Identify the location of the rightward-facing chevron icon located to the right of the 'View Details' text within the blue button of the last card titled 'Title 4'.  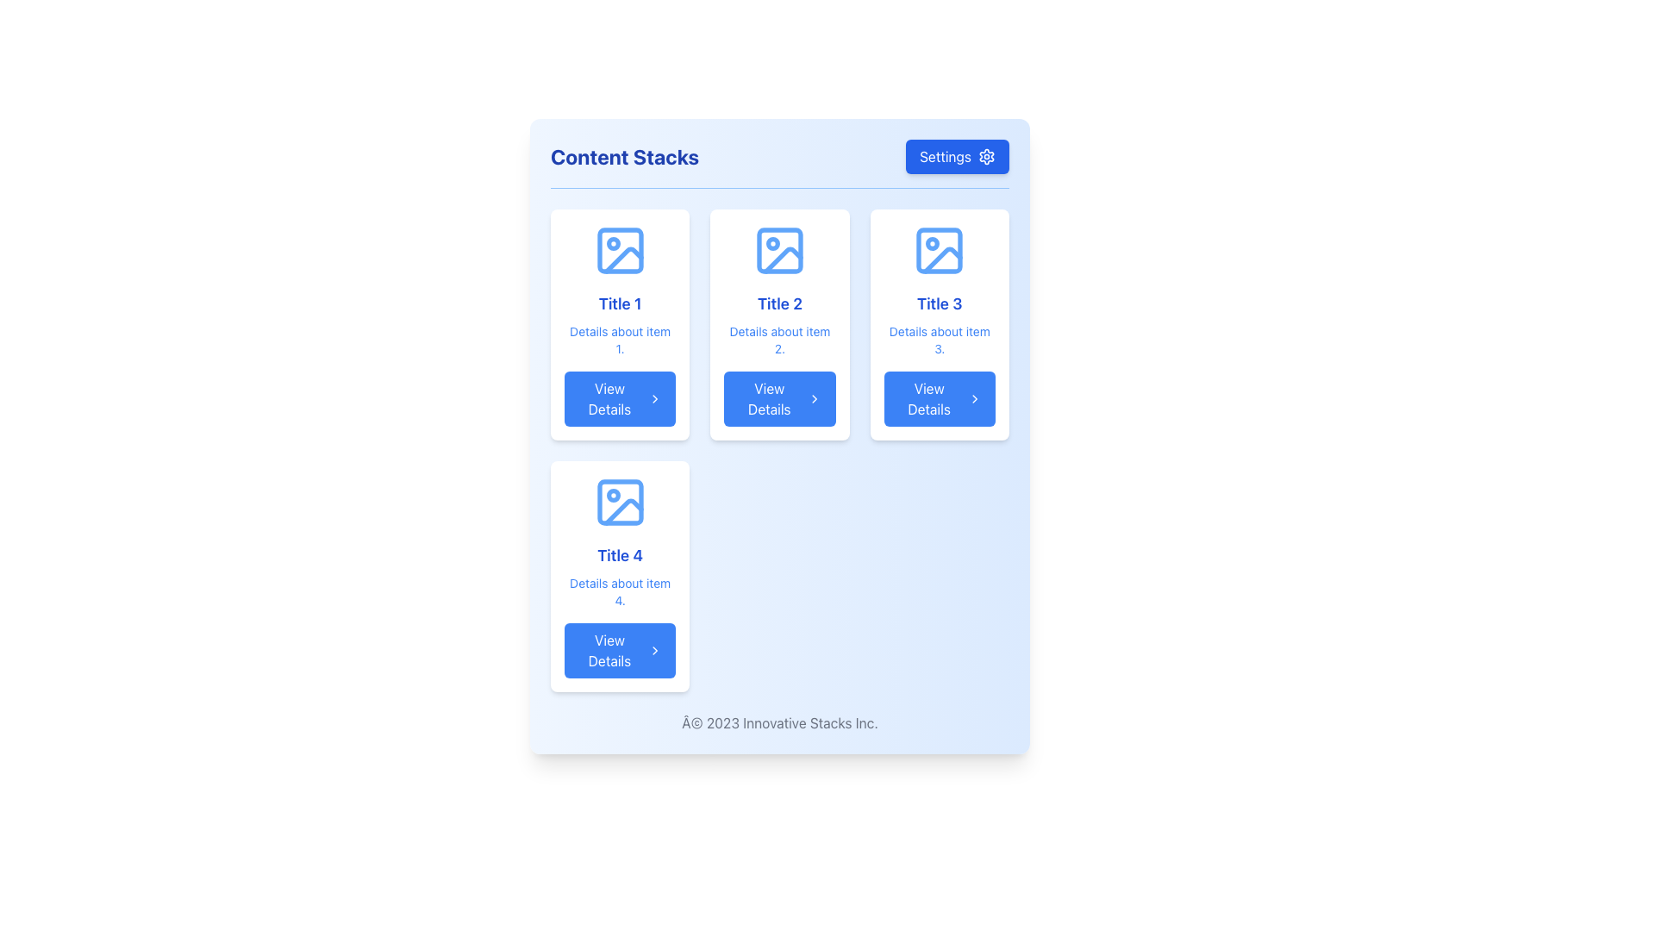
(654, 651).